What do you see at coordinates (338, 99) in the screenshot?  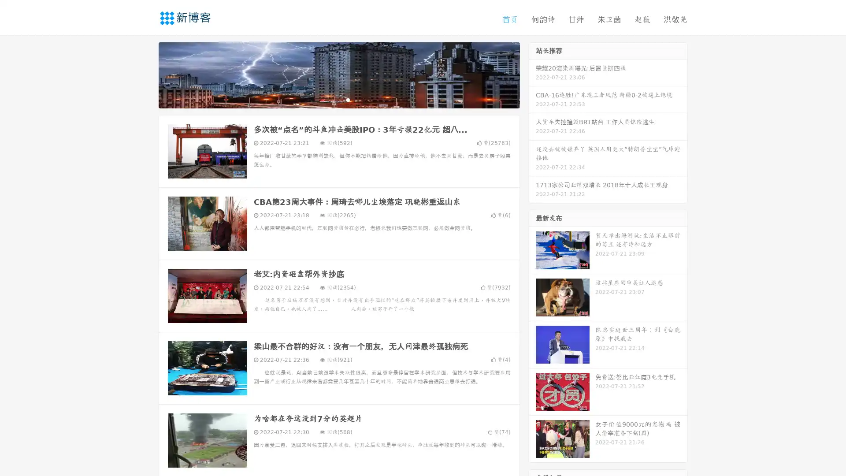 I see `Go to slide 2` at bounding box center [338, 99].